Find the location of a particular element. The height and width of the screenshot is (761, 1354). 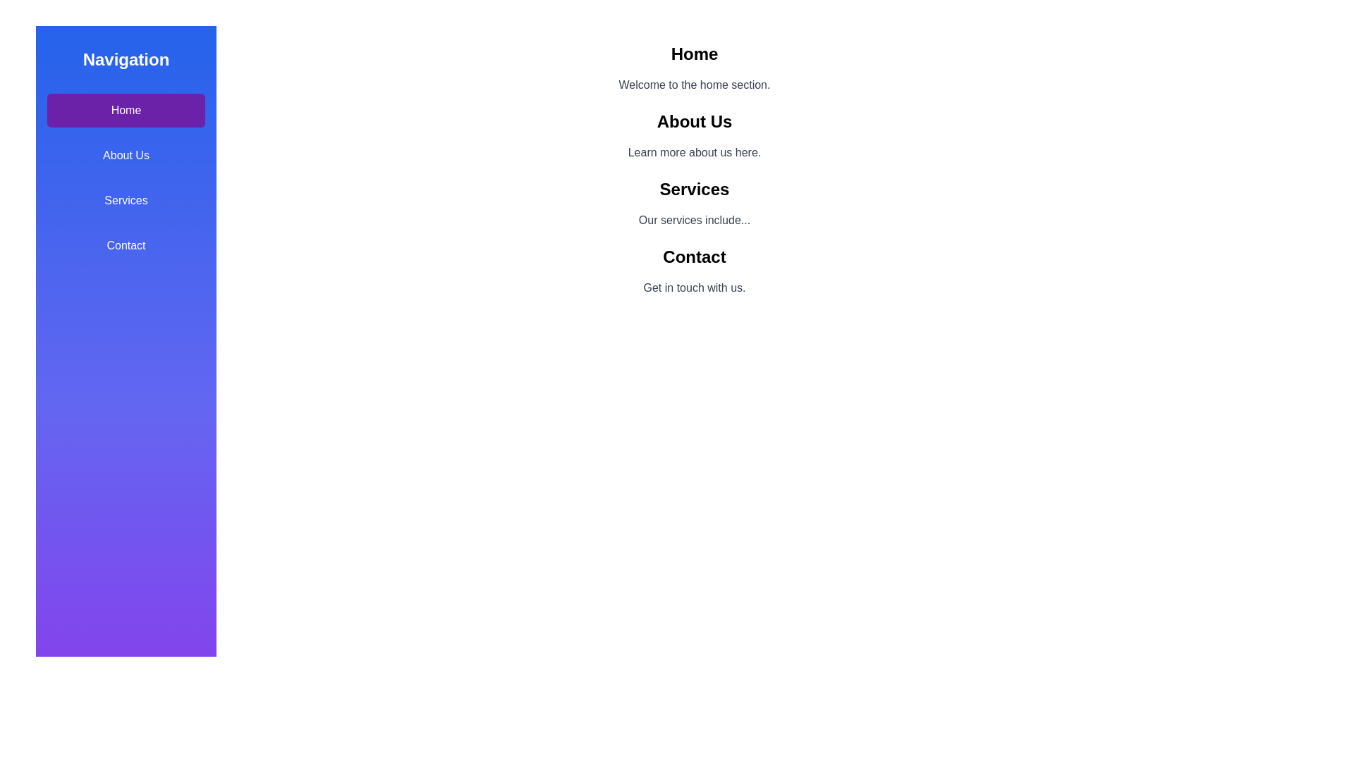

the static text element that says 'Get in touch with us.' located in the 'Contact' section, positioned below the header 'Contact' is located at coordinates (694, 287).